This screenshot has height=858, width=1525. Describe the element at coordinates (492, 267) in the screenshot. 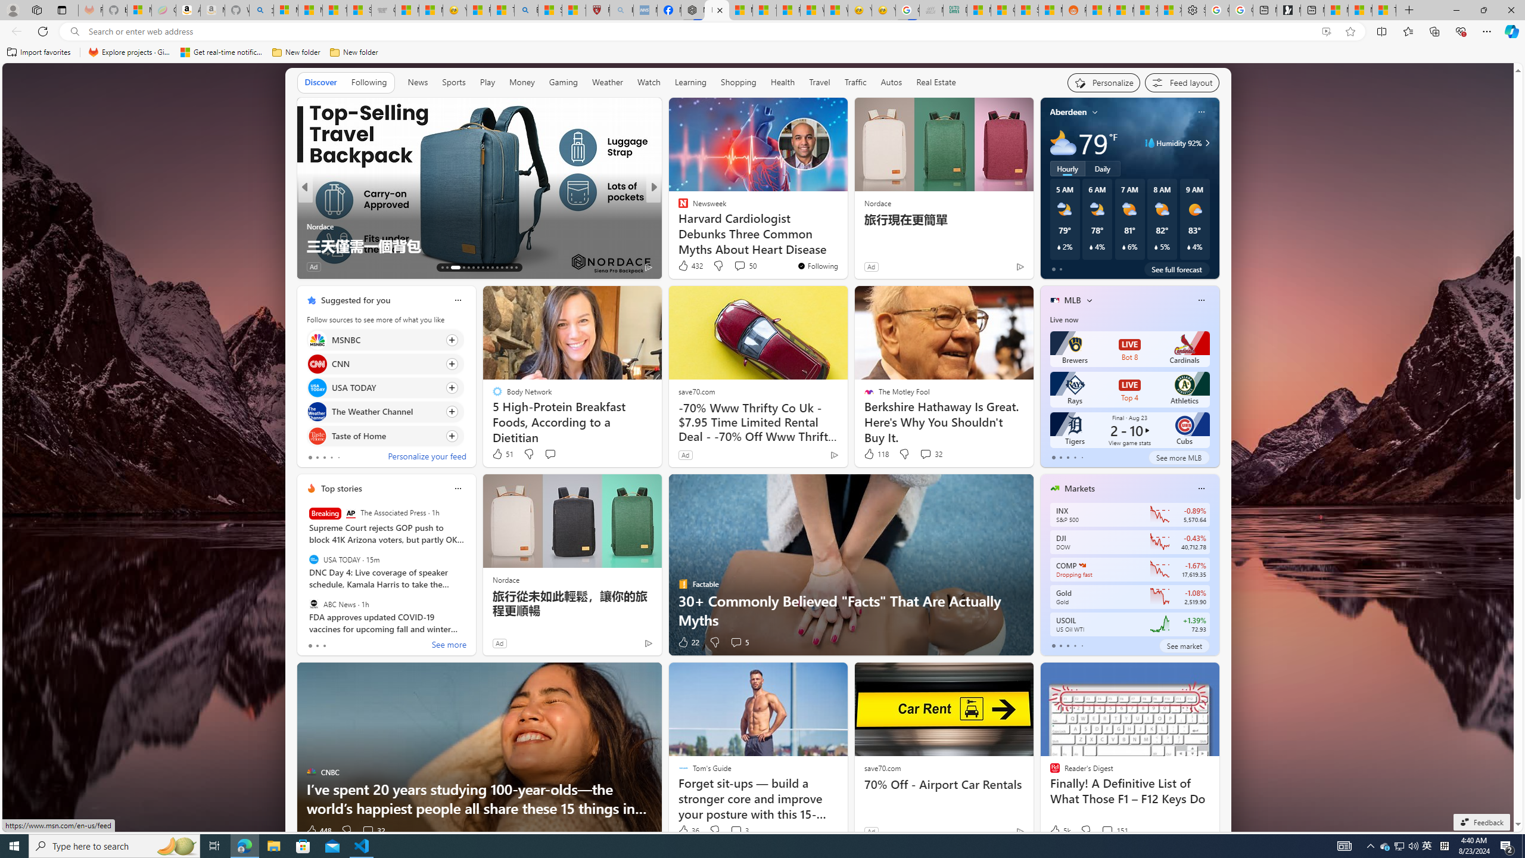

I see `'AutomationID: tab-75'` at that location.